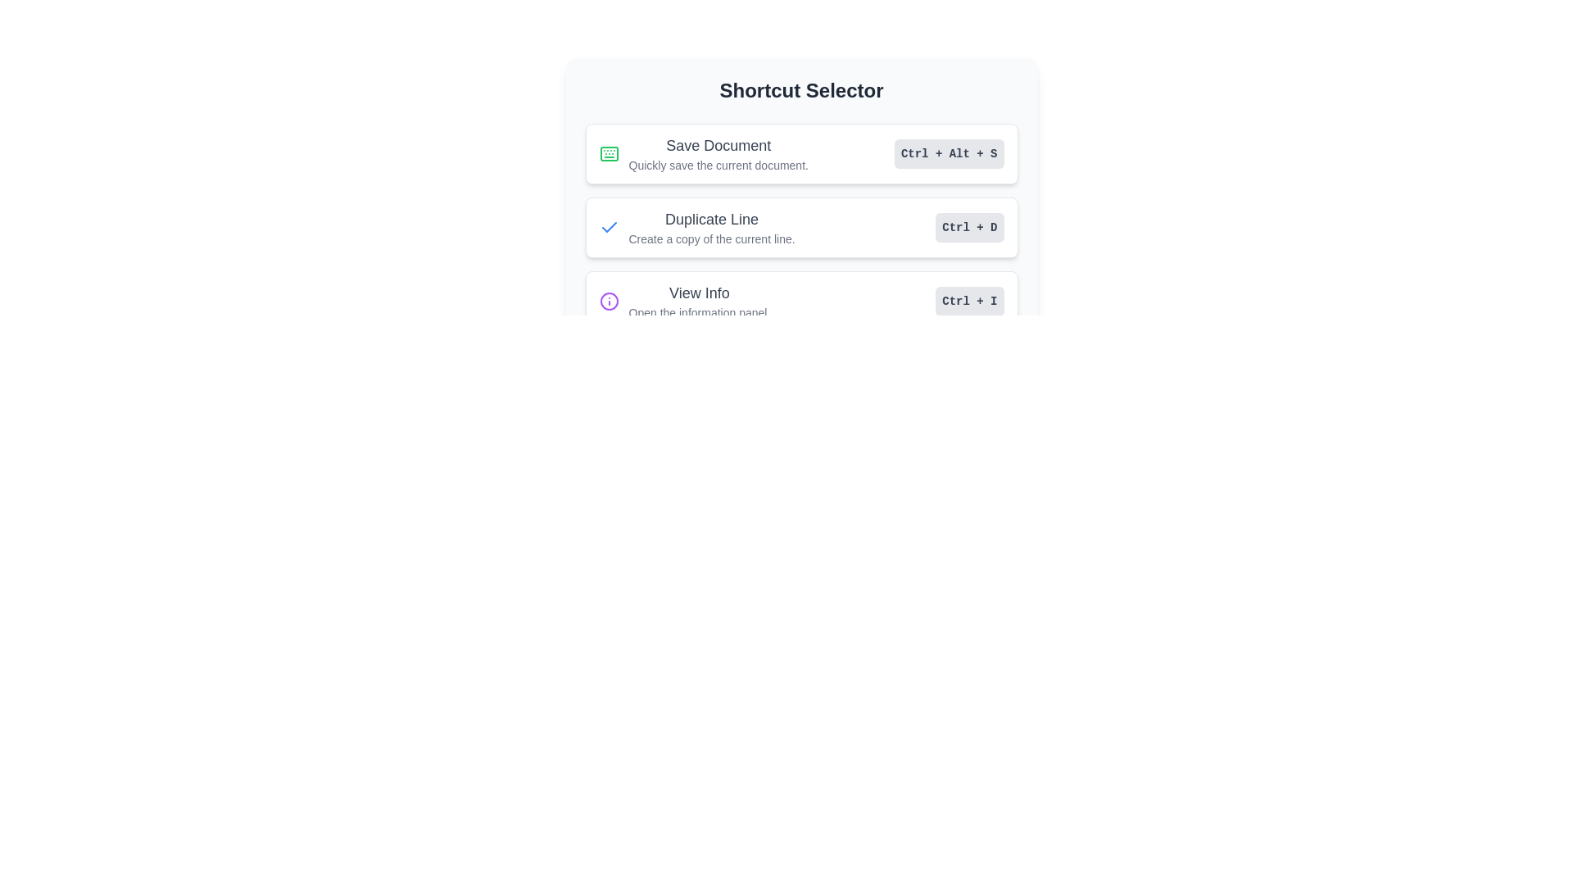 Image resolution: width=1573 pixels, height=885 pixels. Describe the element at coordinates (949, 154) in the screenshot. I see `the static text label that displays the keyboard shortcut for 'Save Document', located to the right of the description 'Quickly save the current document'` at that location.